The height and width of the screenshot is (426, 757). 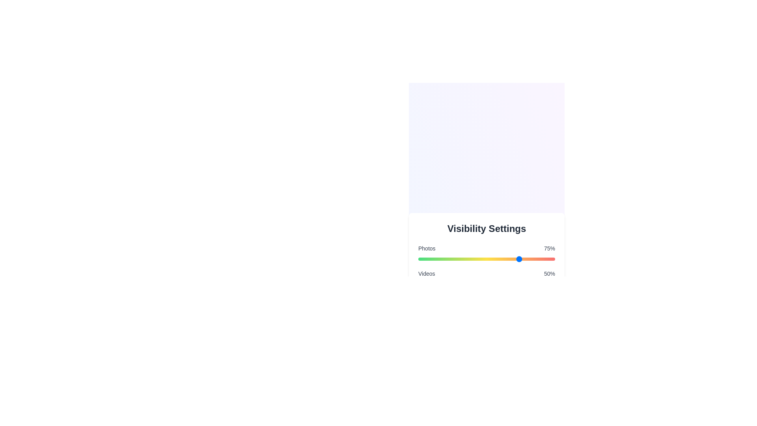 I want to click on the visibility percentage for a category by setting the slider to 70, so click(x=514, y=259).